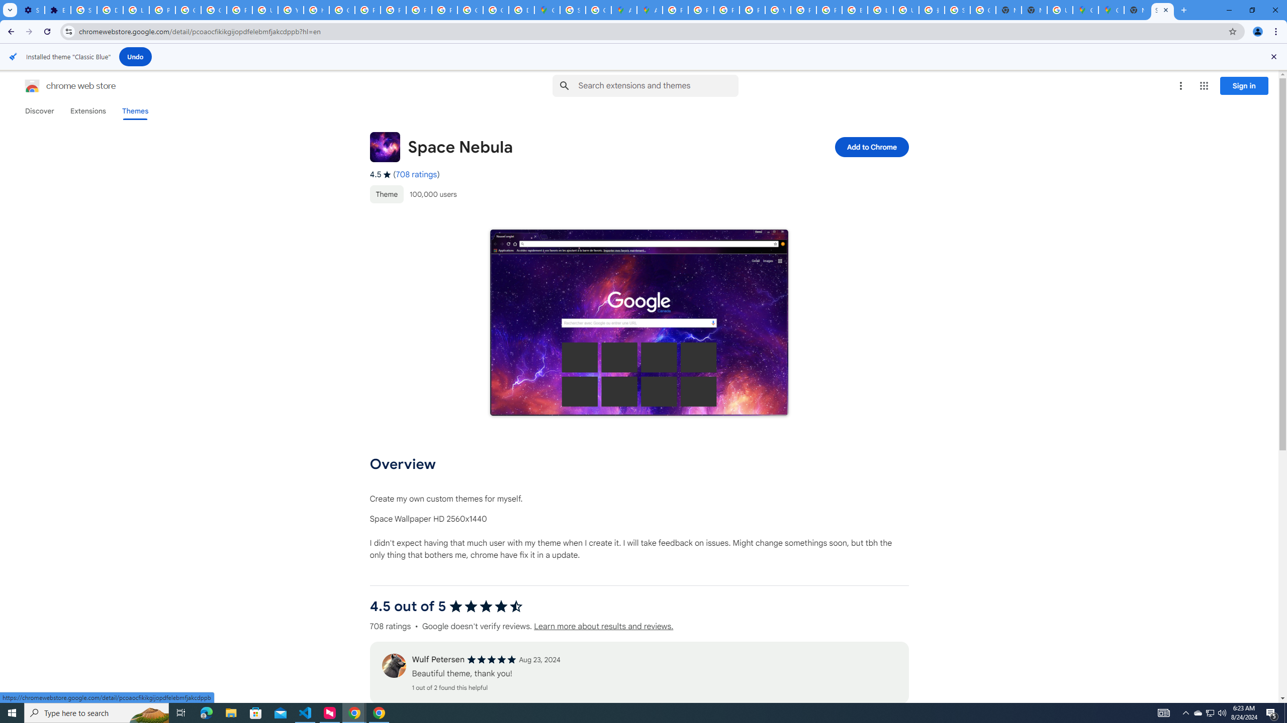 The width and height of the screenshot is (1287, 723). I want to click on 'Chrome Web Store logo', so click(32, 86).